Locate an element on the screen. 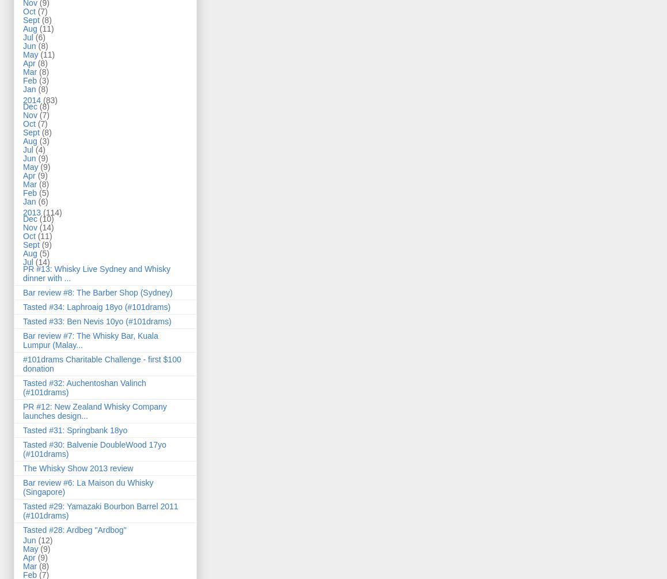 The image size is (667, 579). 'Tasted #33: Ben Nevis 10yo (#101drams)' is located at coordinates (96, 320).